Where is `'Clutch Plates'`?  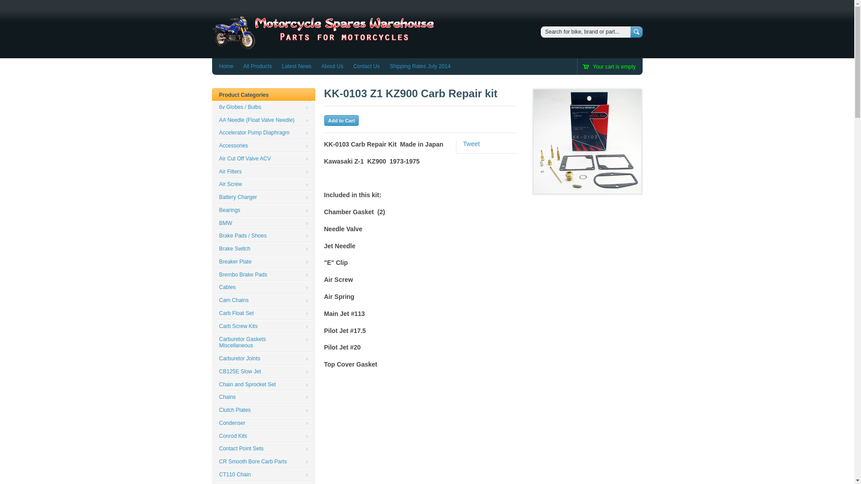
'Clutch Plates' is located at coordinates (262, 410).